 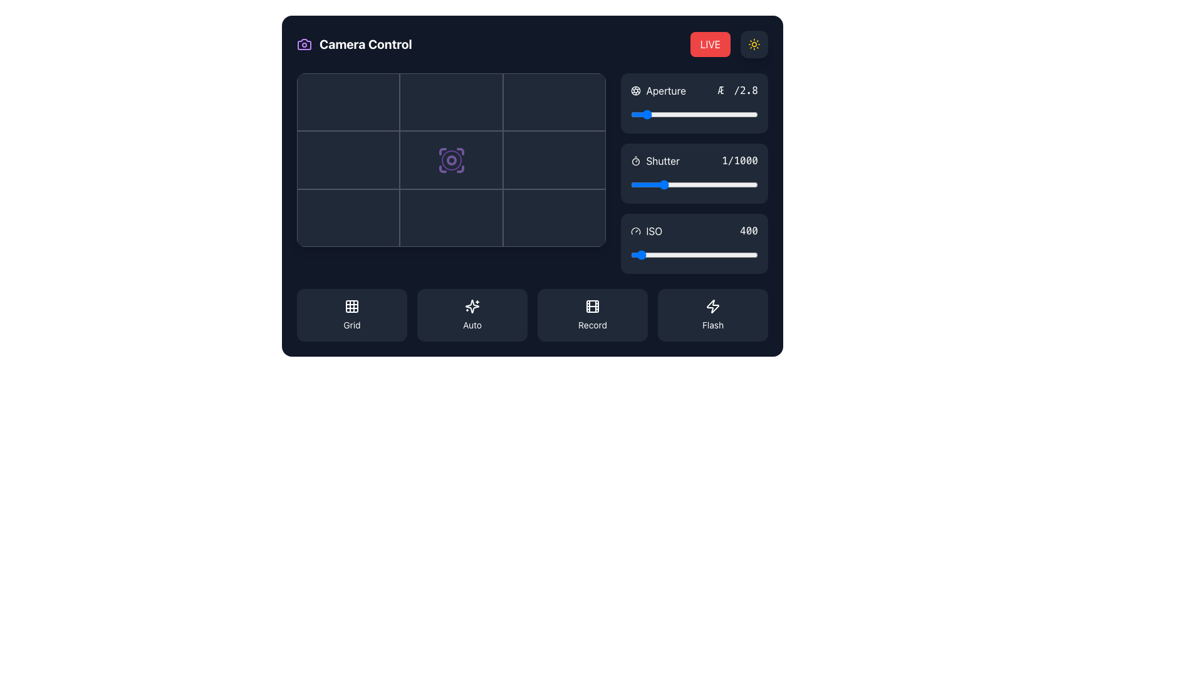 What do you see at coordinates (351, 314) in the screenshot?
I see `the 'Grid' button, which is a rectangular button with a dark background, featuring a grid icon above the text label 'Grid'. This button is the first in a group of four buttons located at the bottom of the interface` at bounding box center [351, 314].